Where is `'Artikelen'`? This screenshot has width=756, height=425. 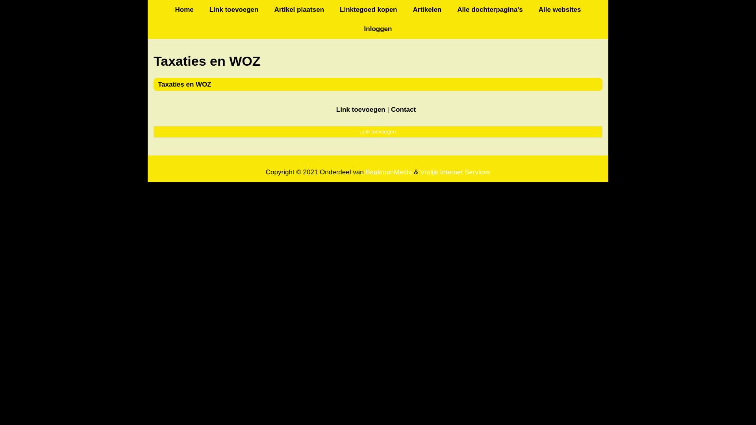
'Artikelen' is located at coordinates (426, 9).